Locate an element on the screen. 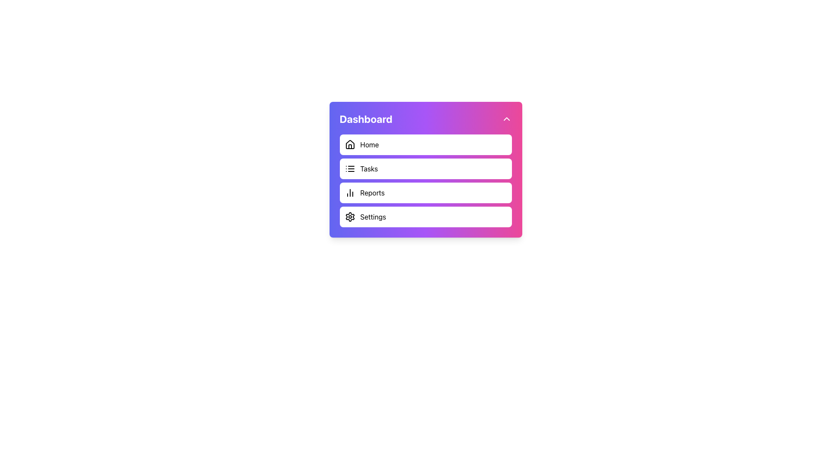 This screenshot has width=826, height=464. the navigation button located at the bottom of the vertical list in the 'Dashboard' panel is located at coordinates (425, 217).